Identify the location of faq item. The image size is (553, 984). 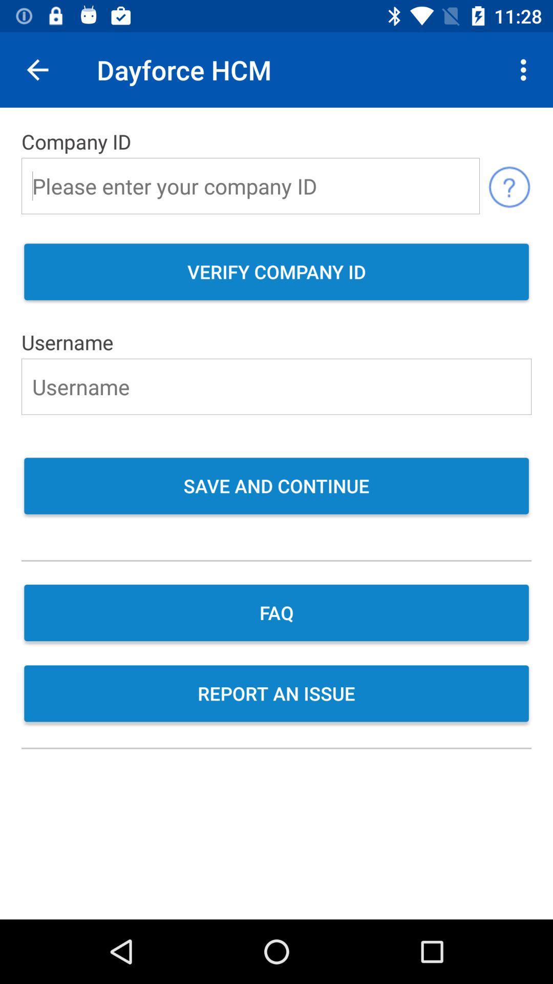
(276, 614).